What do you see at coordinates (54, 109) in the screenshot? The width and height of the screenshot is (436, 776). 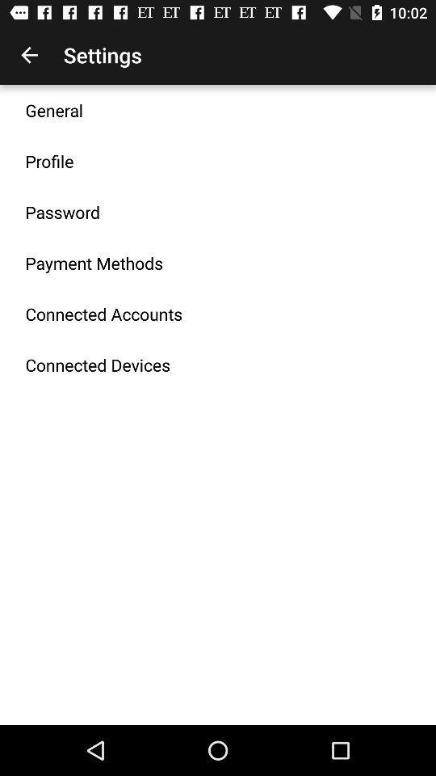 I see `item above profile` at bounding box center [54, 109].